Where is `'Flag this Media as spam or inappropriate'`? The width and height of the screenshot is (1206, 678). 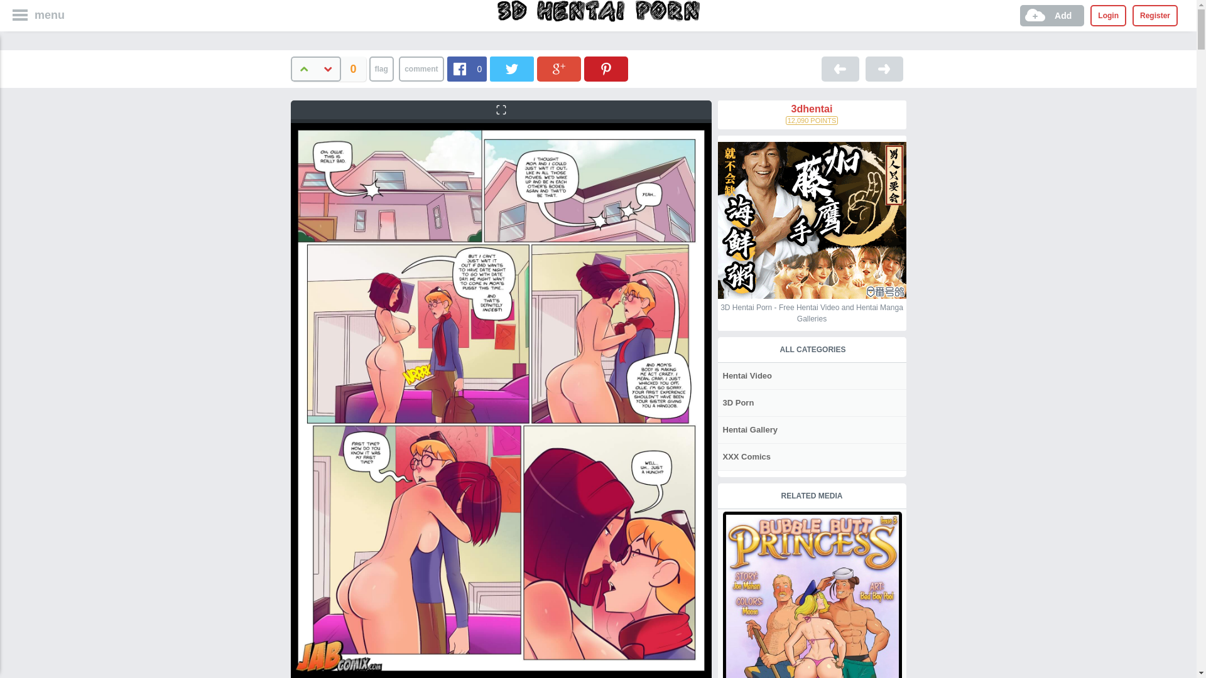 'Flag this Media as spam or inappropriate' is located at coordinates (381, 69).